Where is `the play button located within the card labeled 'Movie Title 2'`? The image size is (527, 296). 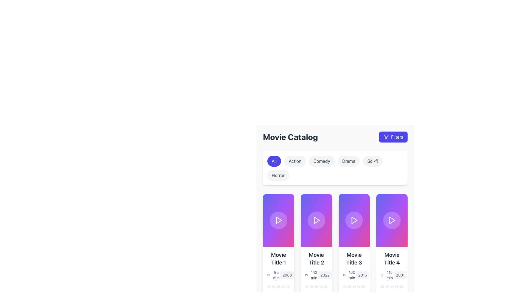
the play button located within the card labeled 'Movie Title 2' is located at coordinates (316, 220).